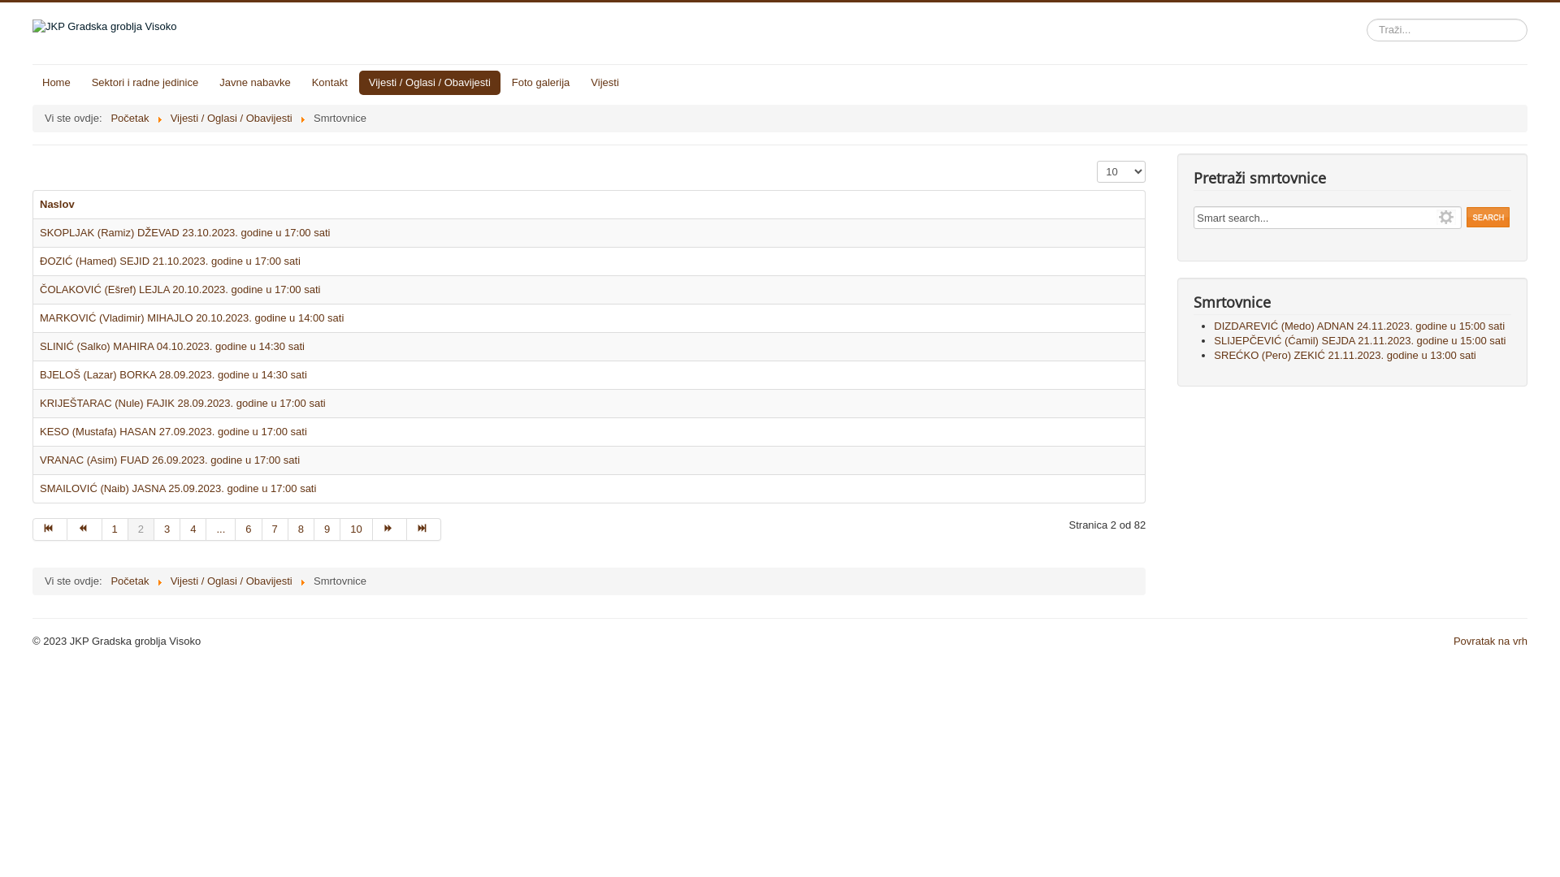  What do you see at coordinates (262, 529) in the screenshot?
I see `'7'` at bounding box center [262, 529].